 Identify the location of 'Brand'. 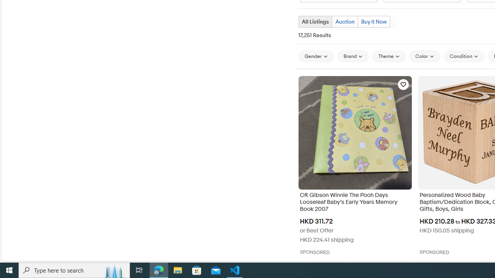
(353, 56).